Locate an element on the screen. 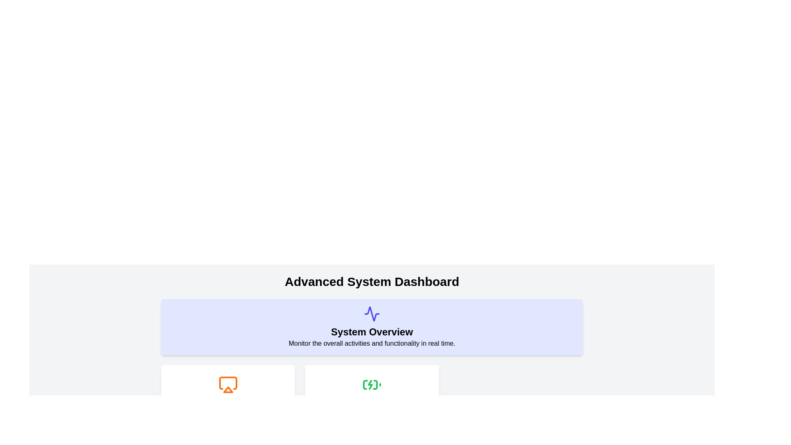  text from the Text Header element labeled 'Advanced System Dashboard', which is a large, bold headline positioned centrally at the top of the interface is located at coordinates (371, 281).